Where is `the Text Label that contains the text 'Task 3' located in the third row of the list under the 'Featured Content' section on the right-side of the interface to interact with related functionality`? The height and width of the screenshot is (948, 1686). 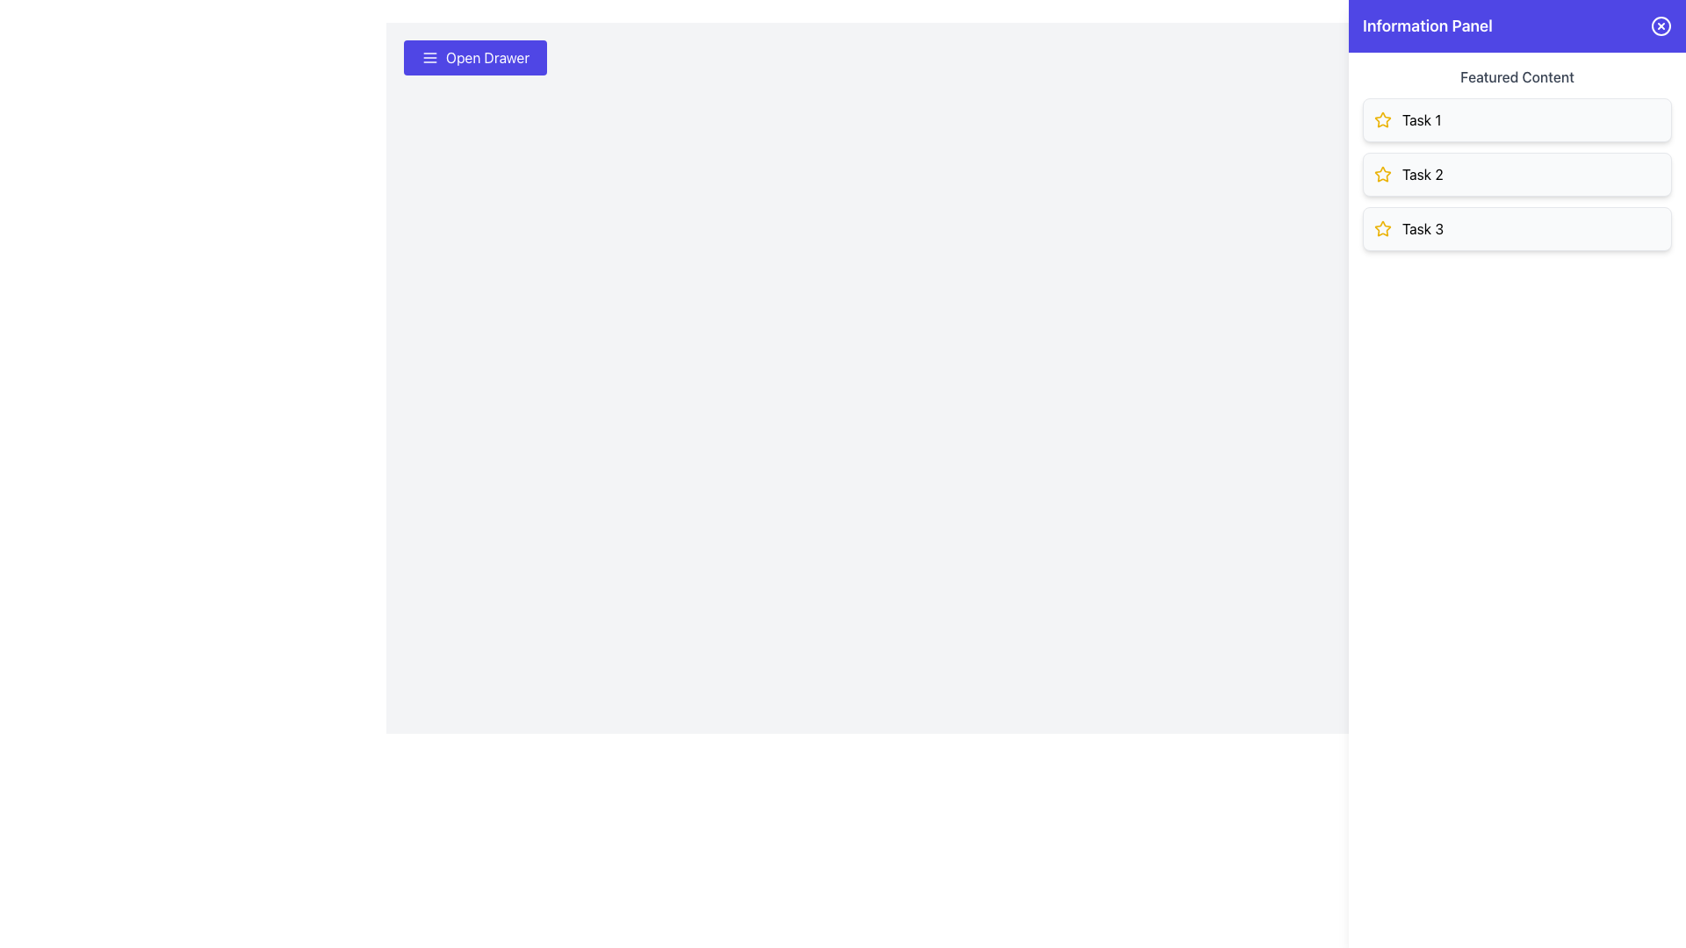 the Text Label that contains the text 'Task 3' located in the third row of the list under the 'Featured Content' section on the right-side of the interface to interact with related functionality is located at coordinates (1423, 228).